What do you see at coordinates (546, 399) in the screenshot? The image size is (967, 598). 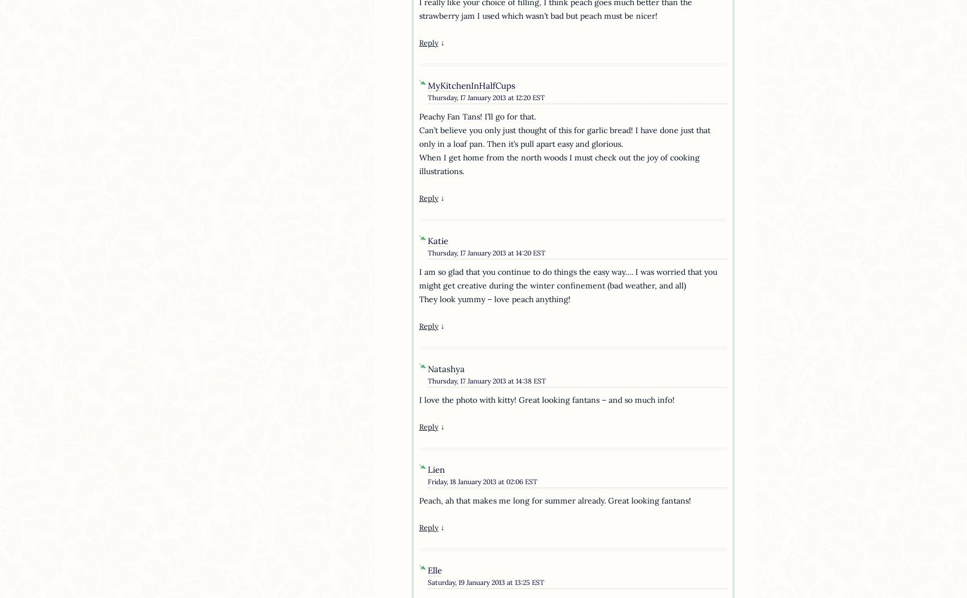 I see `'I love the photo with kitty! Great looking fantans – and so much info!'` at bounding box center [546, 399].